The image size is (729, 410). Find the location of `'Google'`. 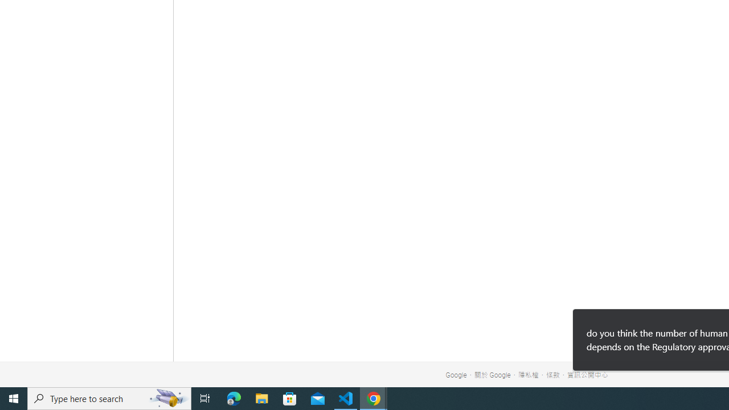

'Google' is located at coordinates (456, 375).